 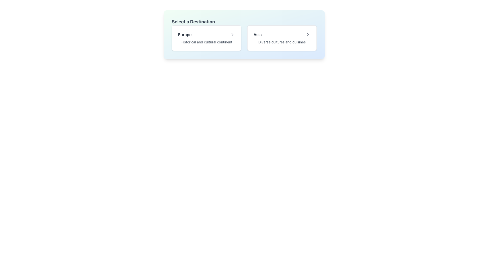 I want to click on bold text label displaying 'Asia' located in the top-right area of the horizontal card layout, left-aligned to 'Diverse cultures and cuisines', so click(x=258, y=34).